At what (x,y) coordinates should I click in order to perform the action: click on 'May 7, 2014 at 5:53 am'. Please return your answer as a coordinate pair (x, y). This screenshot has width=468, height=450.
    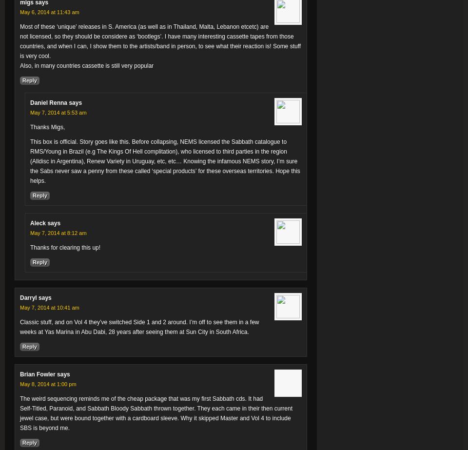
    Looking at the image, I should click on (58, 113).